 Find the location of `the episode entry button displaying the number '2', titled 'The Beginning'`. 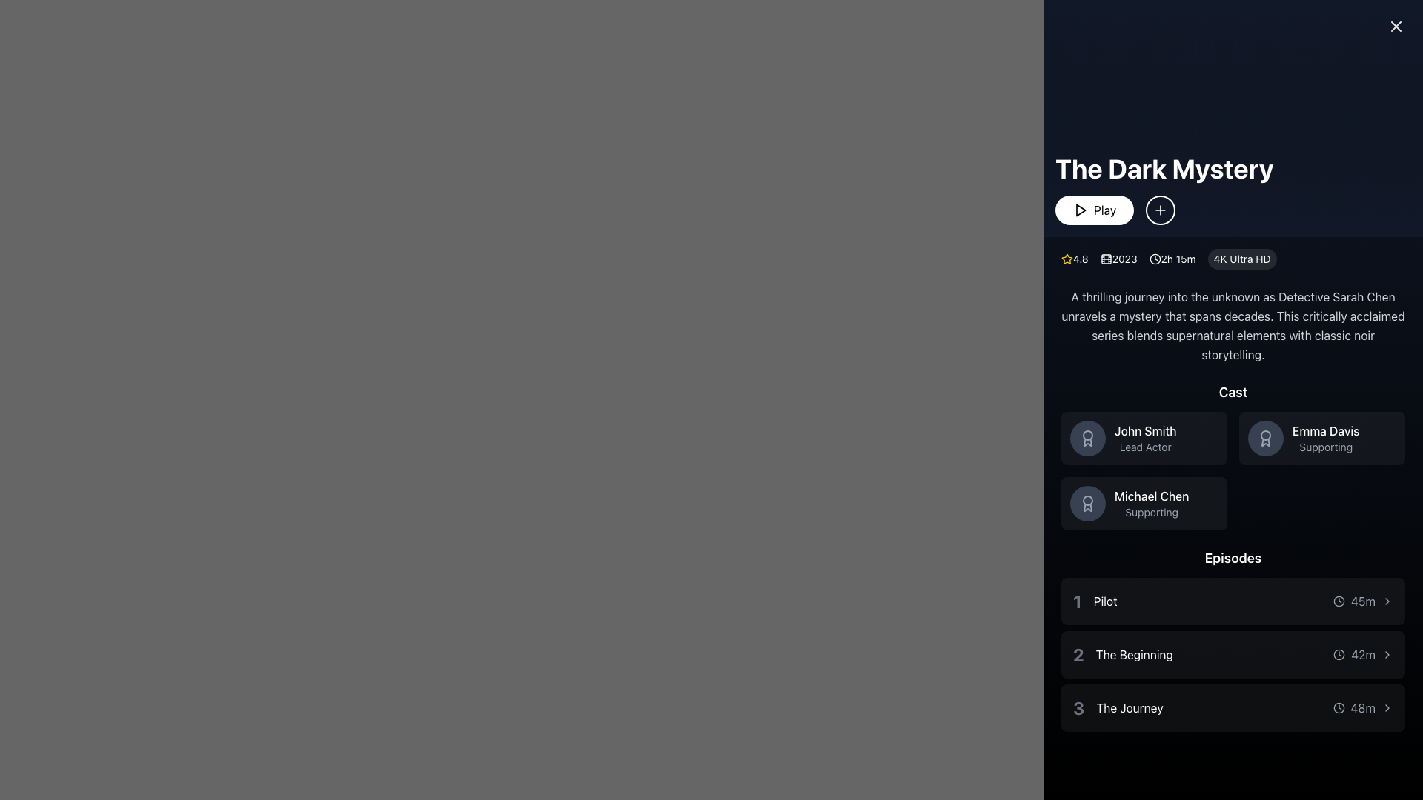

the episode entry button displaying the number '2', titled 'The Beginning' is located at coordinates (1233, 653).